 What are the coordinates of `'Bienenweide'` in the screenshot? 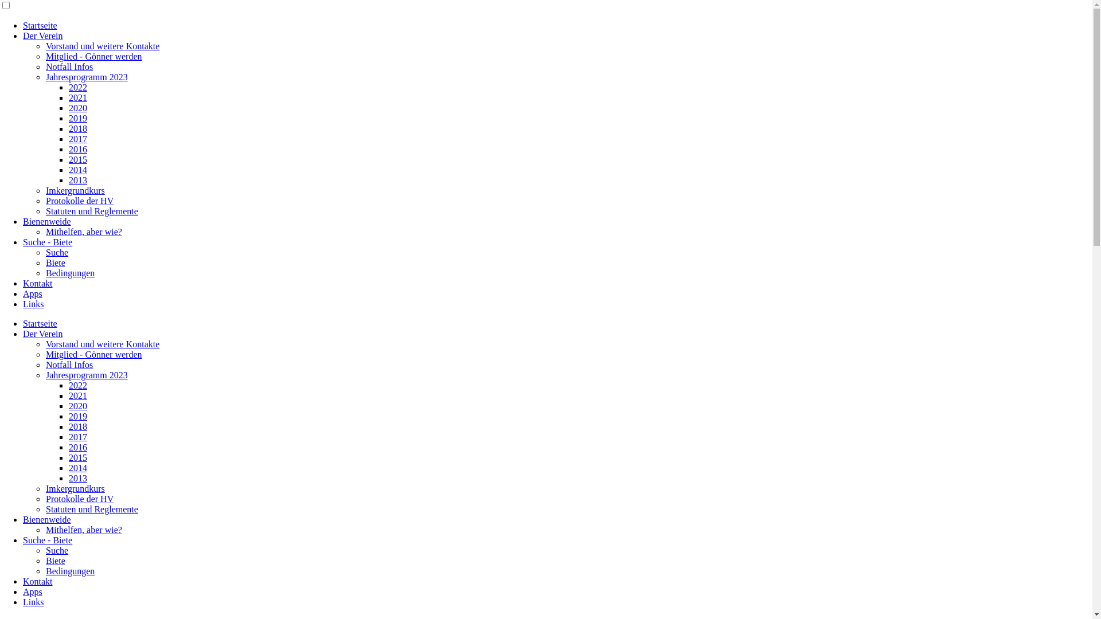 It's located at (46, 519).